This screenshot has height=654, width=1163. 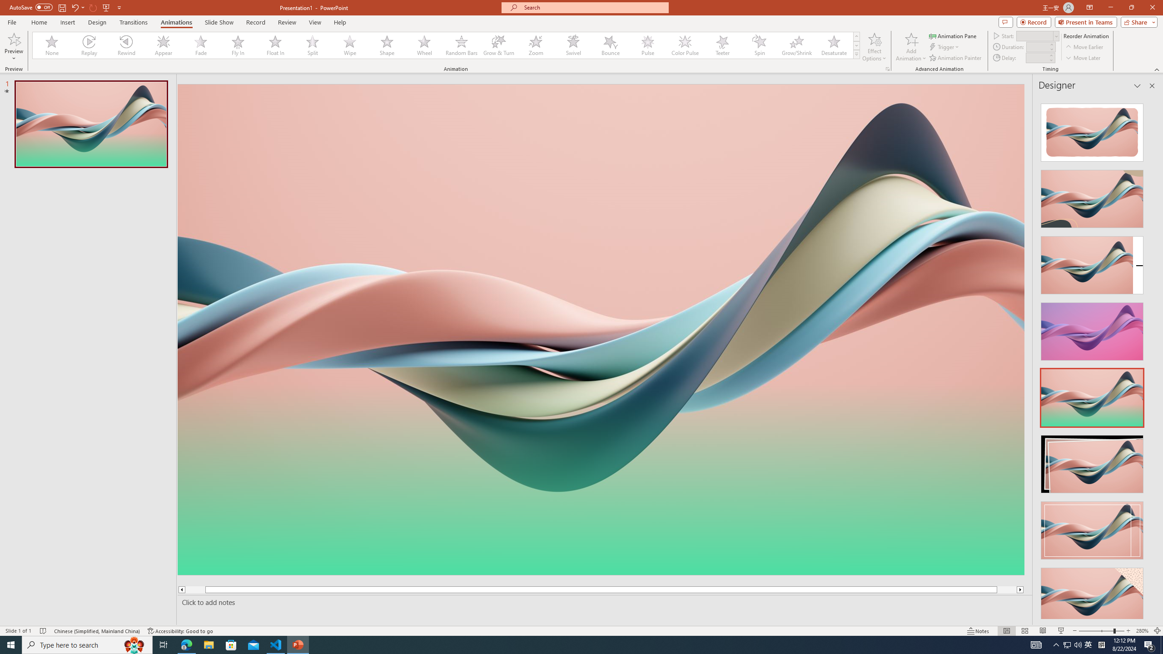 I want to click on 'None', so click(x=52, y=45).